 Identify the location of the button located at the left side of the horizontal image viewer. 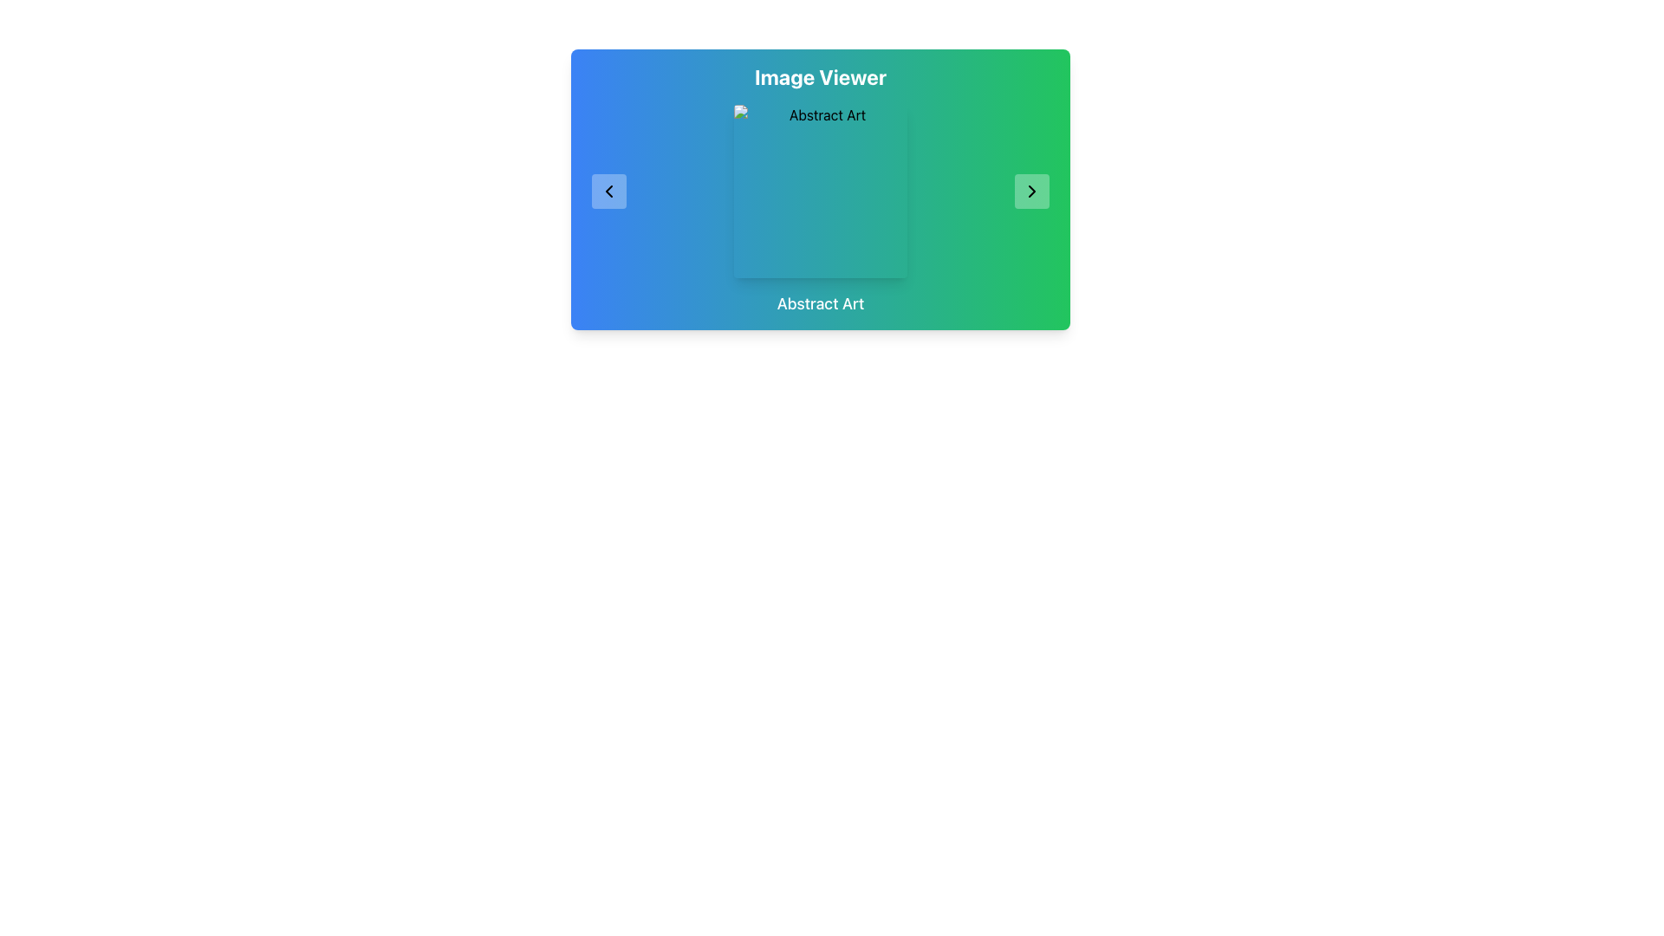
(608, 191).